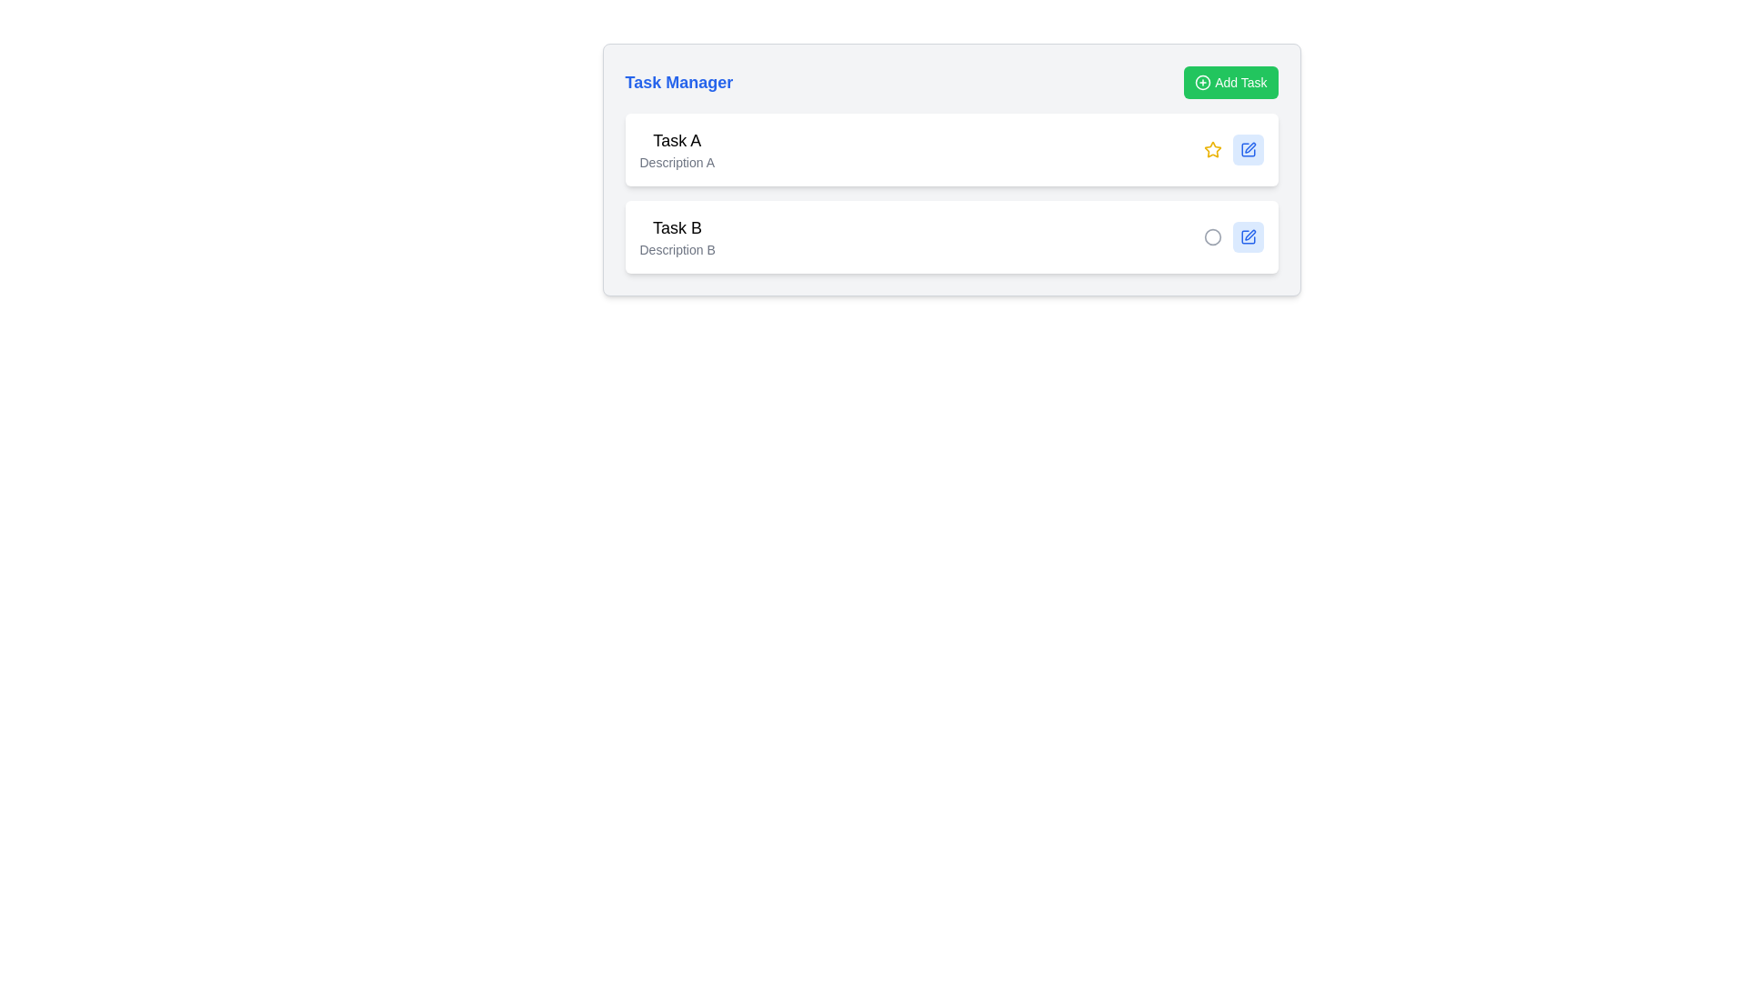 This screenshot has height=982, width=1746. I want to click on the SVG circle that represents the state or status for the second task, positioned to the right of the task's text description, so click(1212, 236).